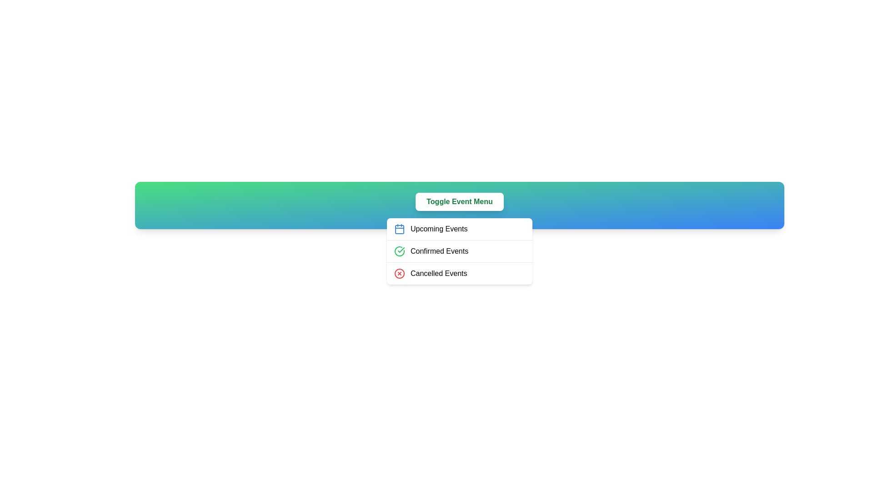 The height and width of the screenshot is (491, 873). What do you see at coordinates (459, 201) in the screenshot?
I see `the 'Toggle Event Menu' button to toggle the visibility of the event menu` at bounding box center [459, 201].